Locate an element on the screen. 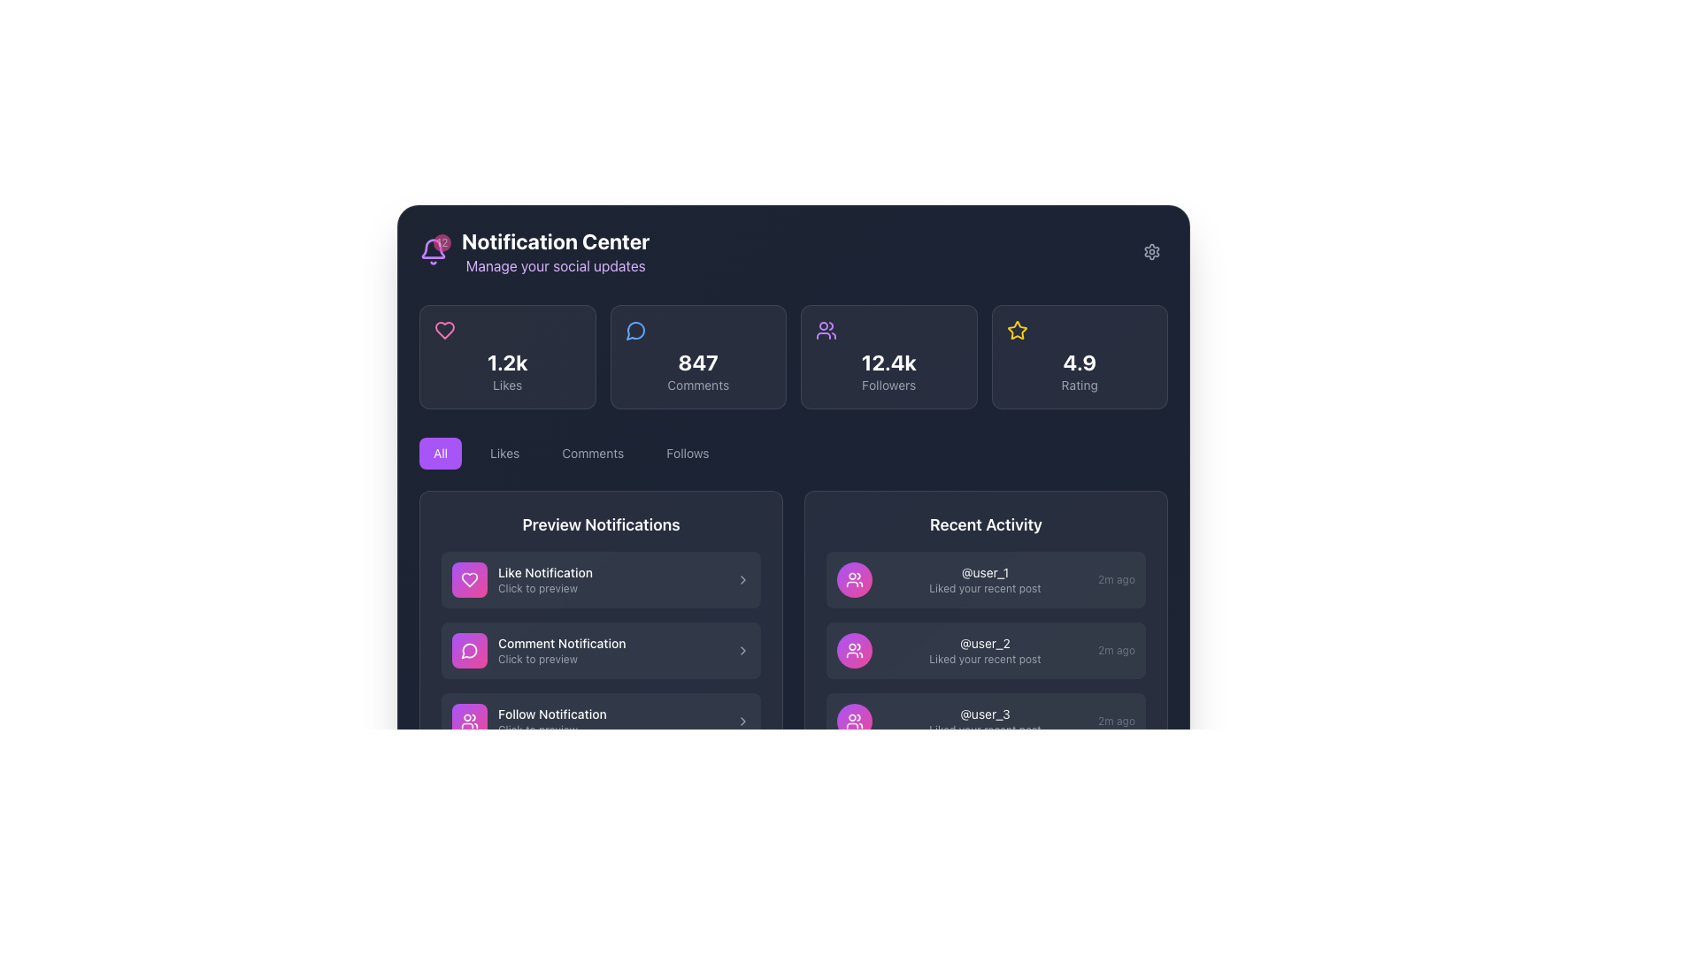 Image resolution: width=1699 pixels, height=955 pixels. the 'Likes' button, which is styled as a text label with gray color and rounded rectangular shape, to observe its hover effect is located at coordinates (504, 453).